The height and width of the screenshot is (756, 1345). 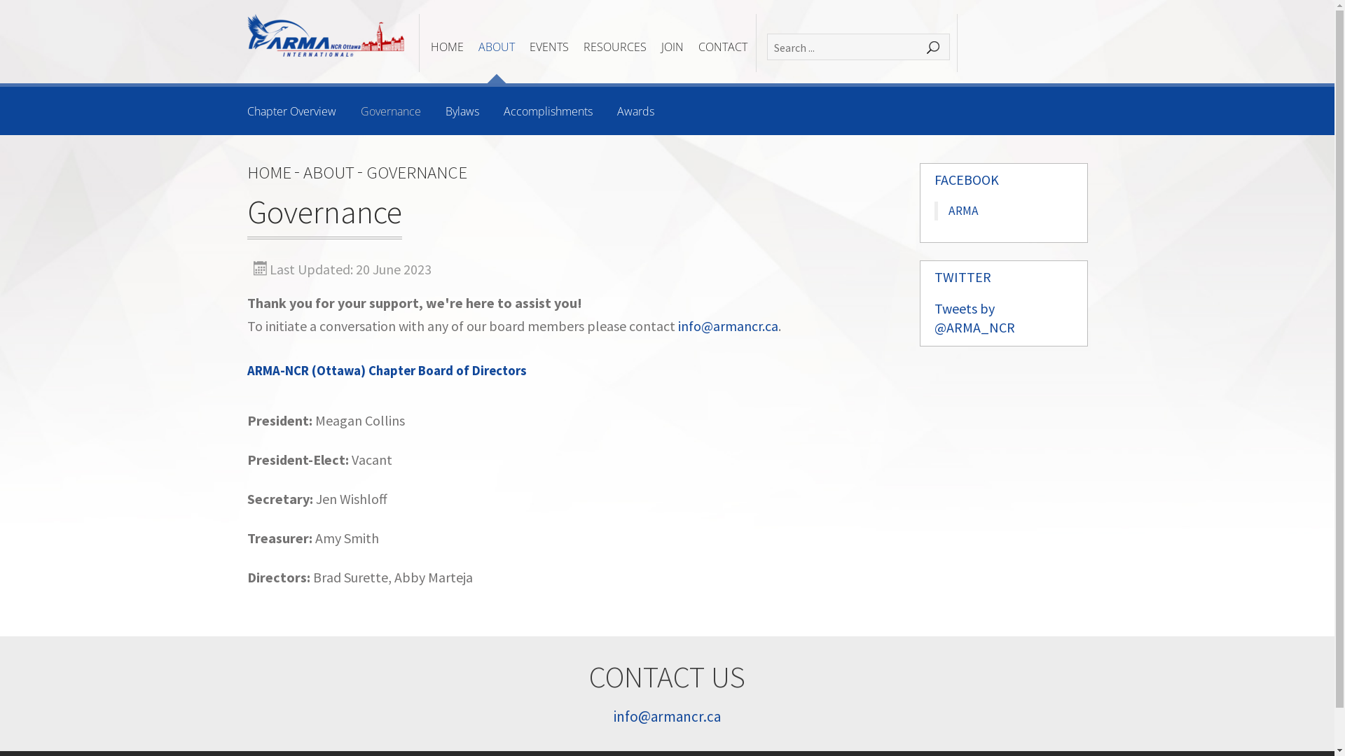 What do you see at coordinates (389, 110) in the screenshot?
I see `'Governance'` at bounding box center [389, 110].